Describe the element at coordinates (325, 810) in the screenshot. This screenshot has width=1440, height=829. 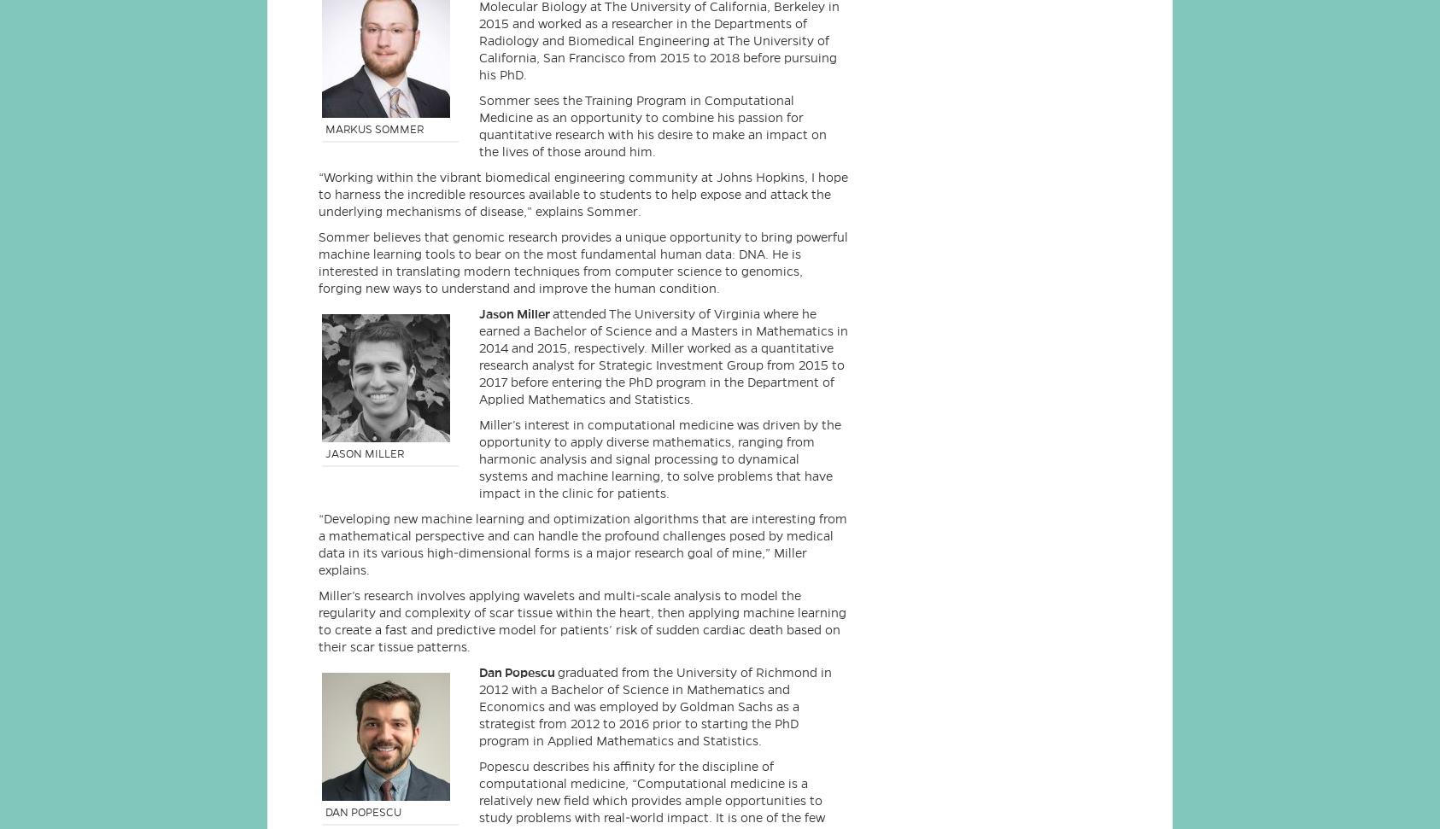
I see `'DAN POPESCU'` at that location.